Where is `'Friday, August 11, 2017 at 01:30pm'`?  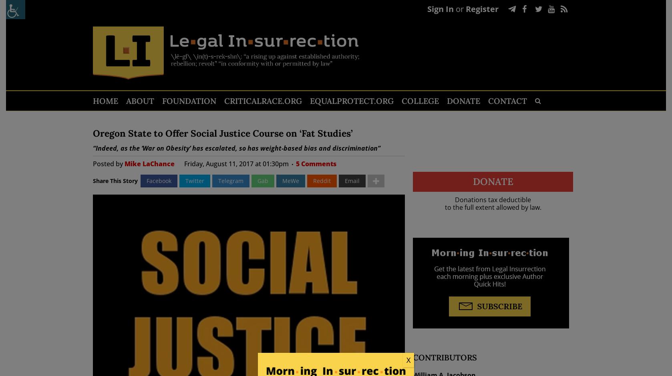 'Friday, August 11, 2017 at 01:30pm' is located at coordinates (235, 163).